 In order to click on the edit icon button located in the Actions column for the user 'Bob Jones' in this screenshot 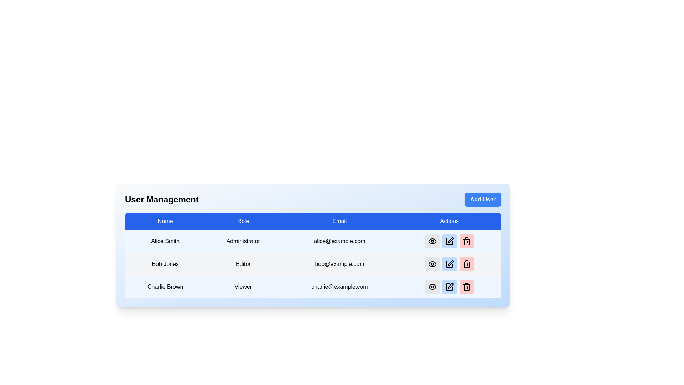, I will do `click(449, 264)`.